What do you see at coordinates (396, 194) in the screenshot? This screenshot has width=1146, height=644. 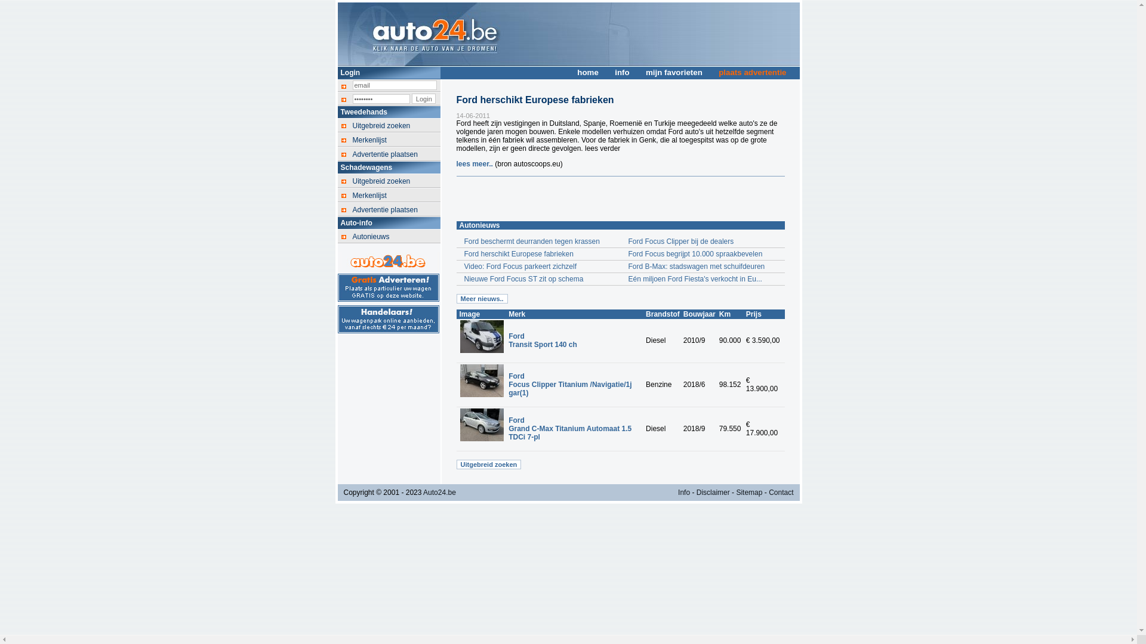 I see `'Merkenlijst'` at bounding box center [396, 194].